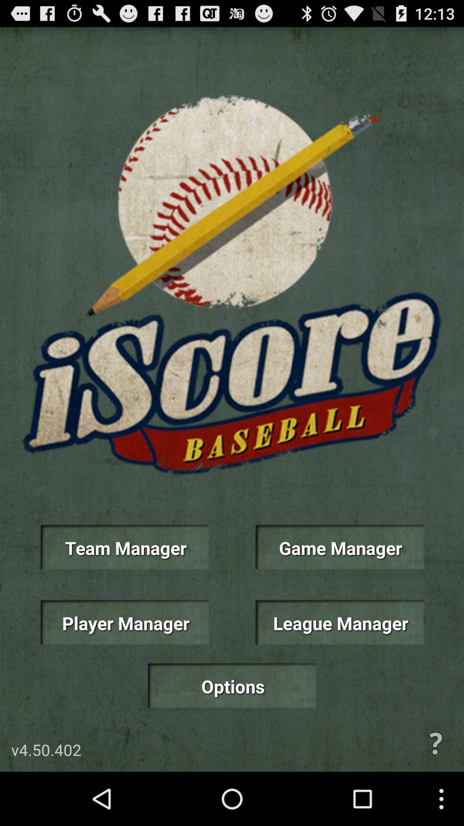 The width and height of the screenshot is (464, 826). What do you see at coordinates (436, 743) in the screenshot?
I see `the icon below league manager button` at bounding box center [436, 743].